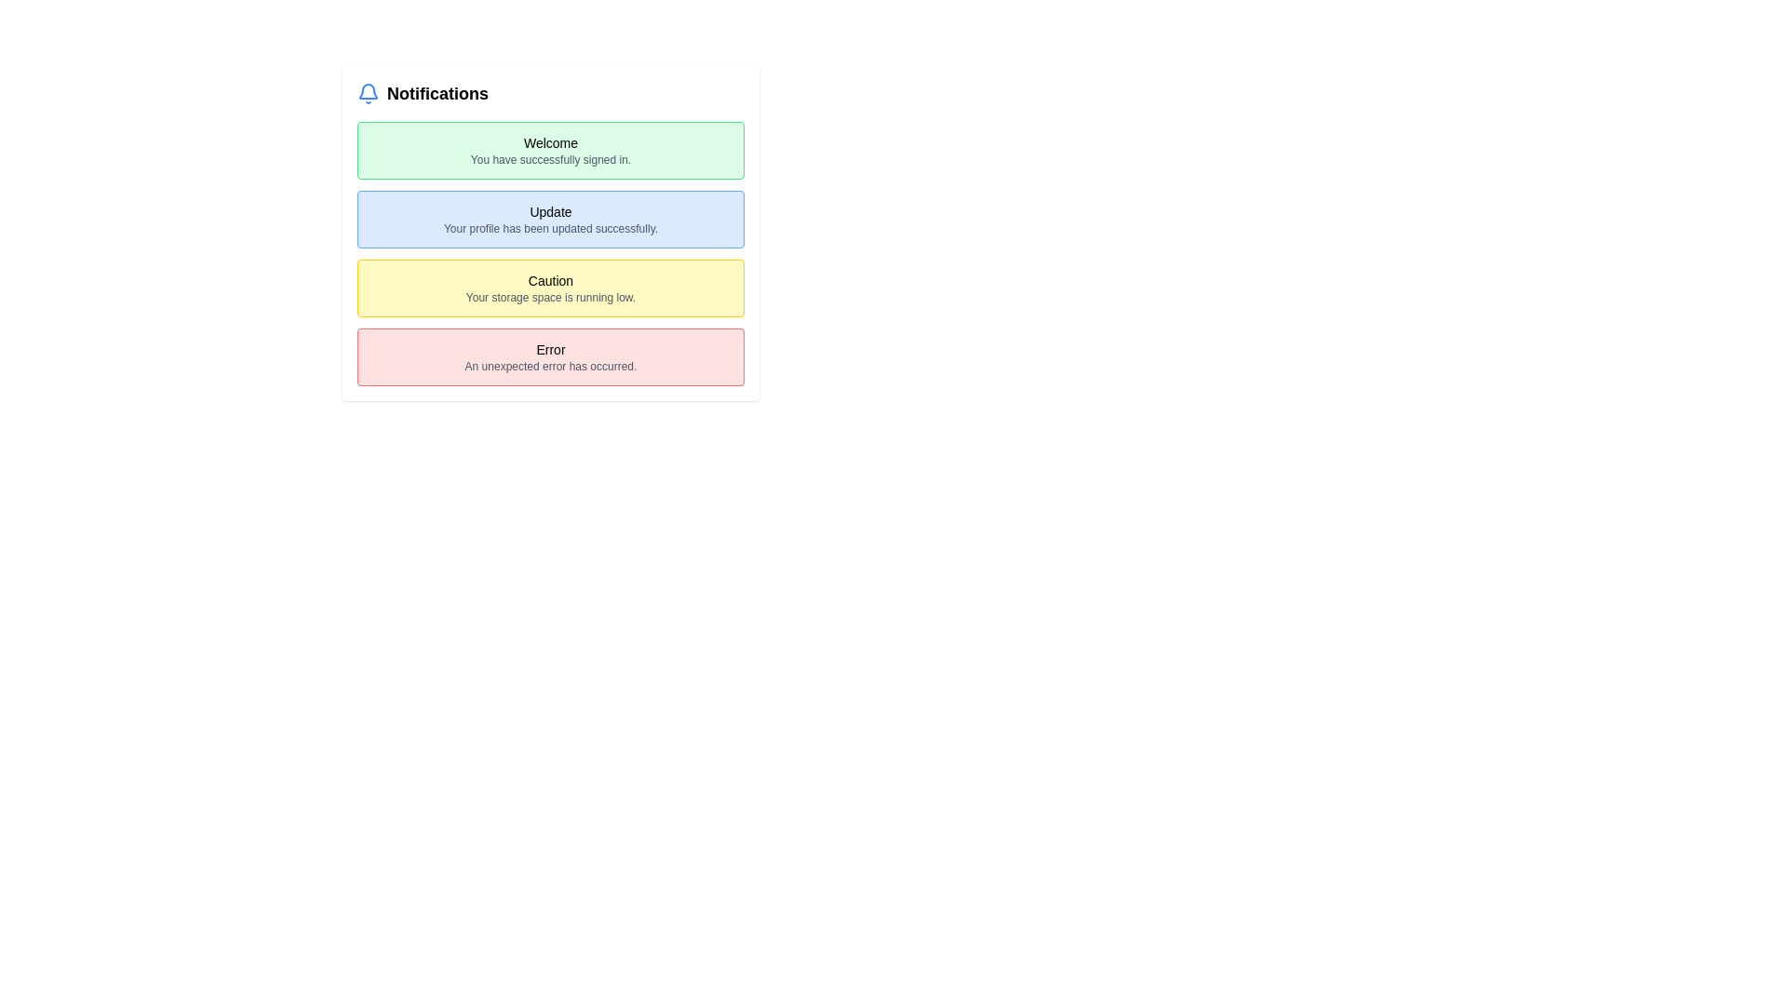 This screenshot has height=1005, width=1787. I want to click on error notification message displayed in the notification card positioned fourth in the vertically stacked list, below the yellow 'Caution' card, so click(549, 357).